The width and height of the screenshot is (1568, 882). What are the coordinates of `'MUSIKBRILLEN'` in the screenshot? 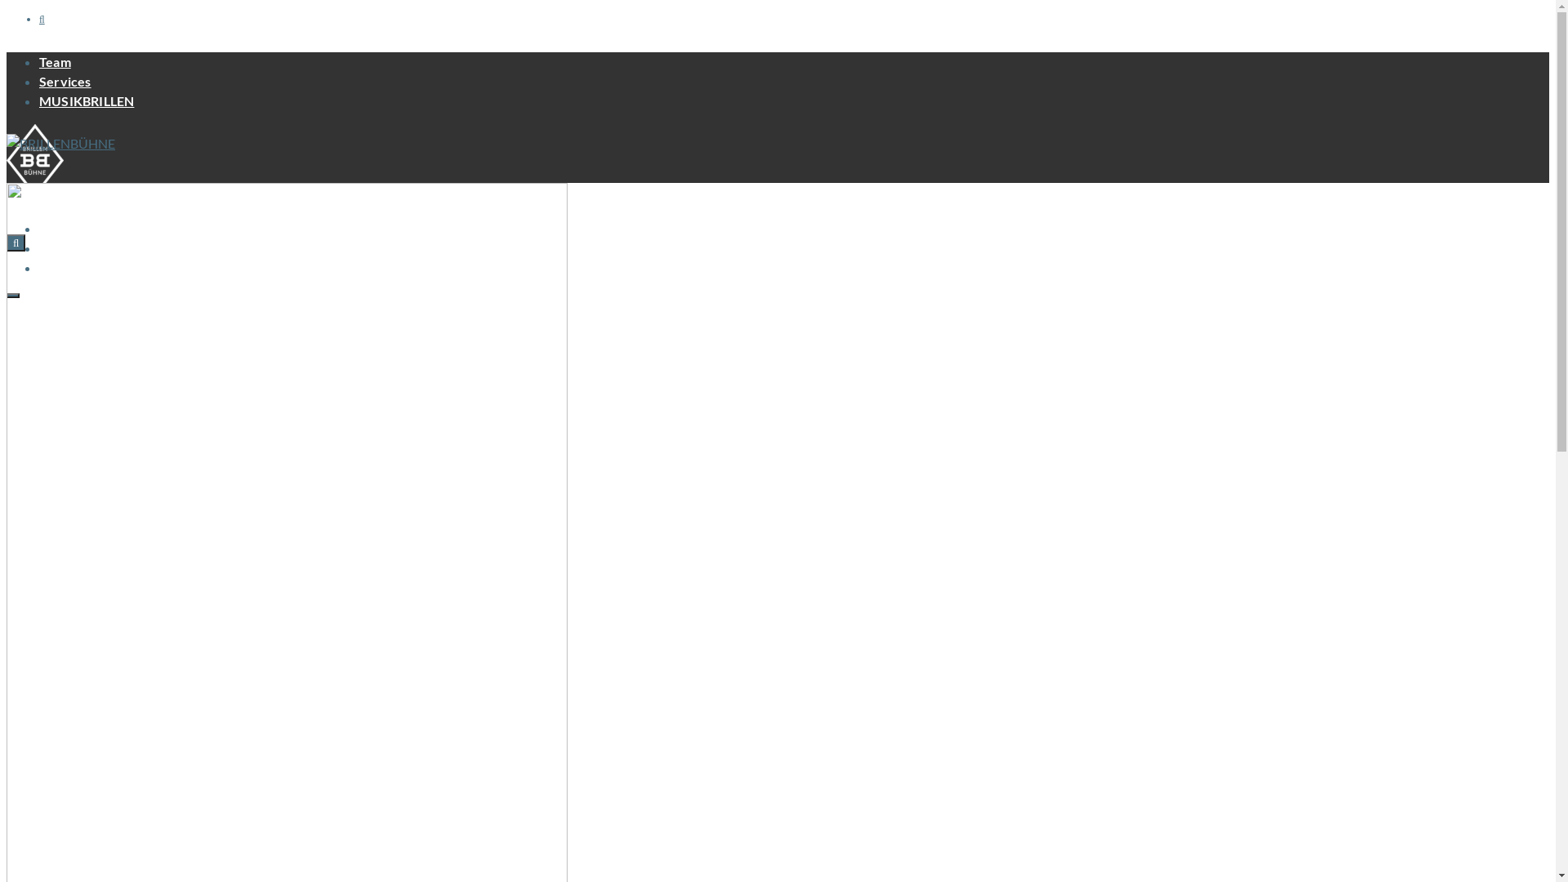 It's located at (85, 100).